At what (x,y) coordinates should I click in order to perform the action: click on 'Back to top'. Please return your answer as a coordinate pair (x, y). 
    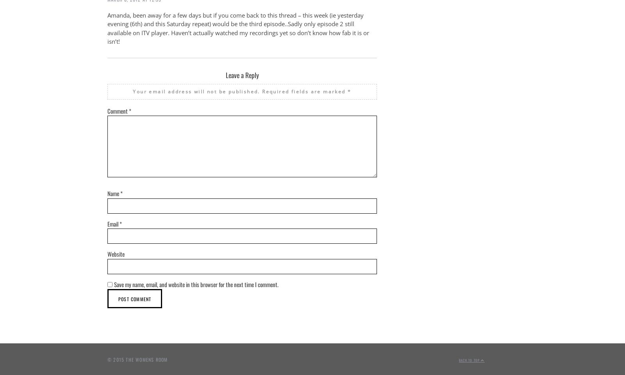
    Looking at the image, I should click on (470, 360).